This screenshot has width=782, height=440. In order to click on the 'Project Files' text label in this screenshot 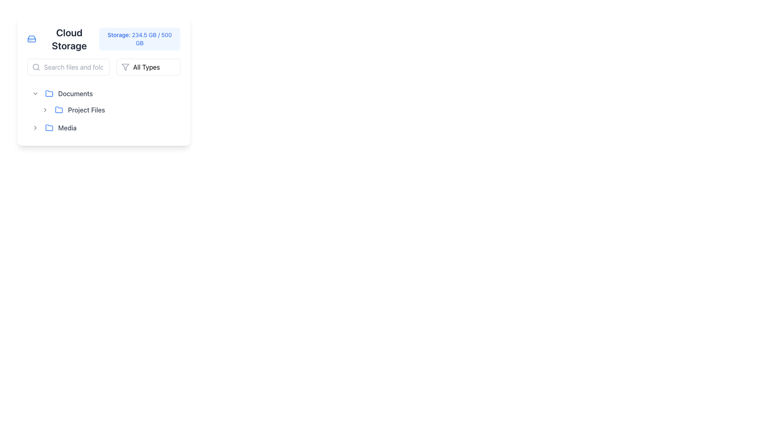, I will do `click(86, 110)`.